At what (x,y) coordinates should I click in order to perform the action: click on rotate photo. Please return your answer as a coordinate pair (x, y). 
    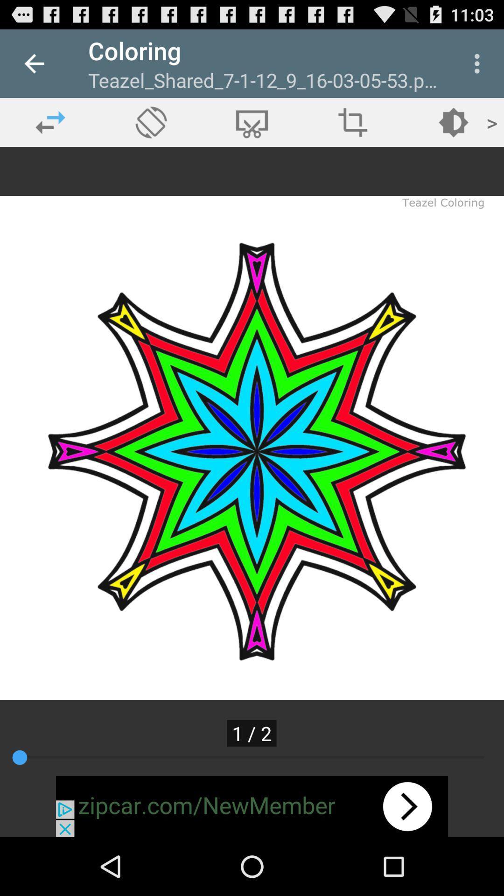
    Looking at the image, I should click on (151, 122).